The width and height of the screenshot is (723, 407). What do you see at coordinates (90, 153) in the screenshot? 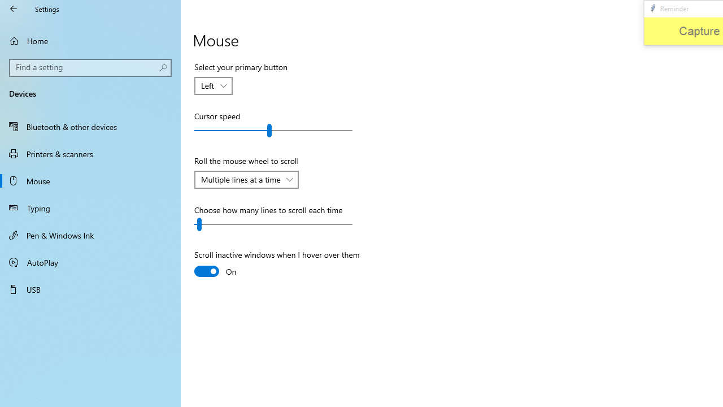
I see `'Printers & scanners'` at bounding box center [90, 153].